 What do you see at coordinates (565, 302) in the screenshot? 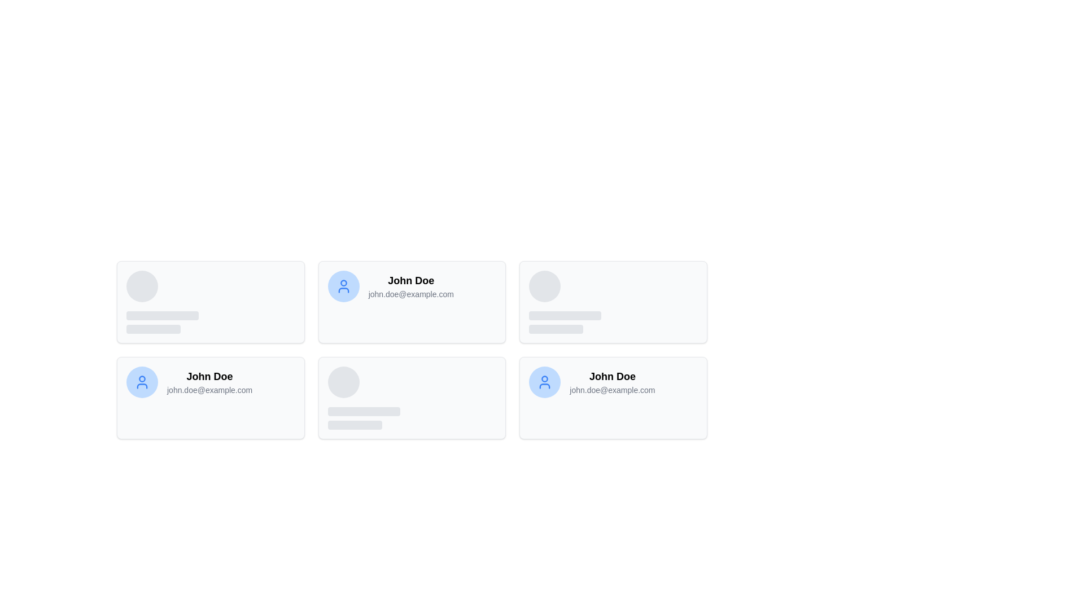
I see `the Loading placeholder located in the top right card of a grid of six cards, which is styled with the 'animate-pulse' class` at bounding box center [565, 302].